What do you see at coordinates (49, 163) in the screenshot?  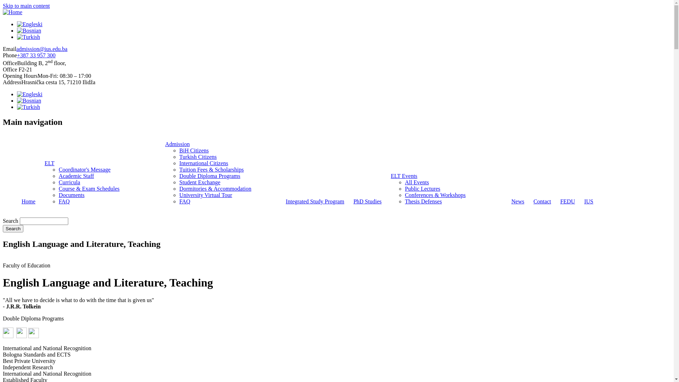 I see `'ELT'` at bounding box center [49, 163].